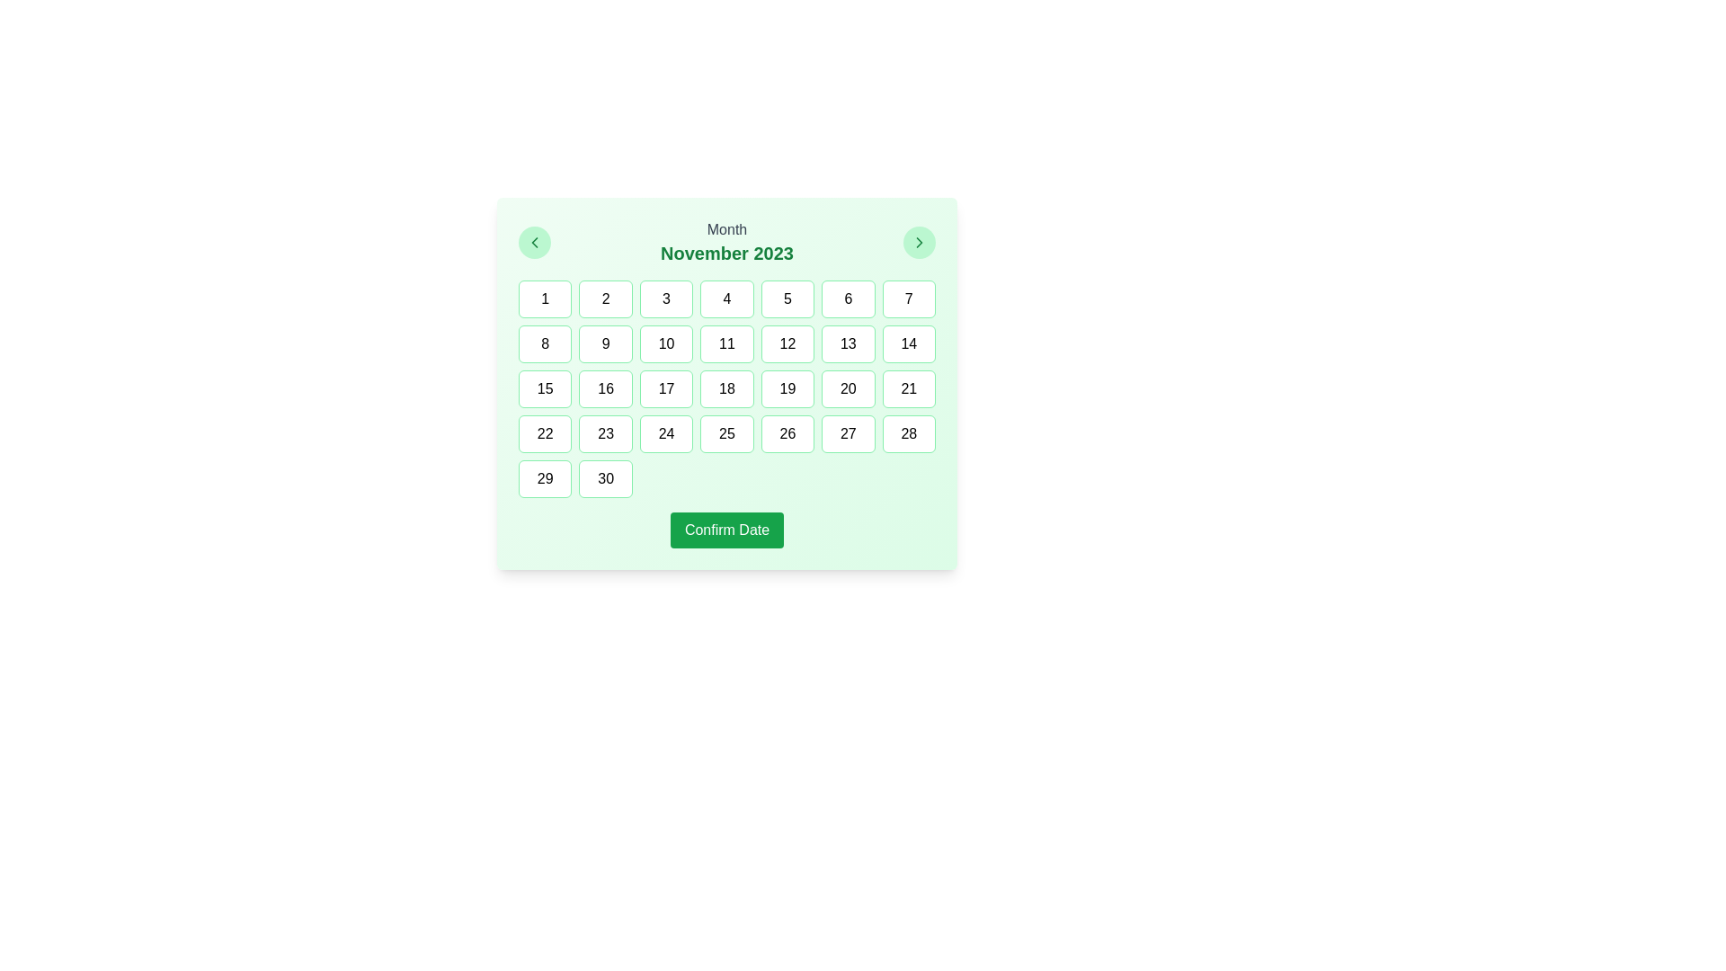 This screenshot has height=971, width=1726. I want to click on the Label displaying 'November 2023' in a large, bold, green font, which is centrally located beneath the text 'Month' in the calendar interface, so click(727, 253).